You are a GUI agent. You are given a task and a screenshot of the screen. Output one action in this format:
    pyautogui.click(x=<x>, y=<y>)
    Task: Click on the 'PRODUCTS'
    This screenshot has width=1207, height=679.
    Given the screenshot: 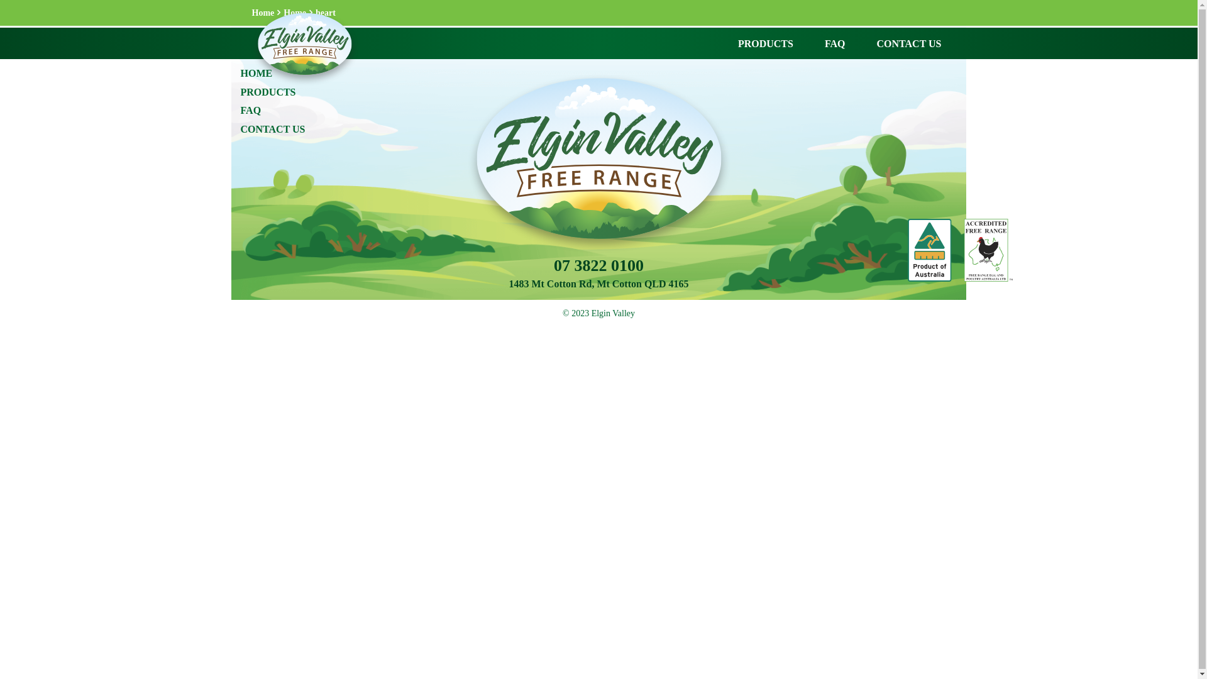 What is the action you would take?
    pyautogui.click(x=240, y=91)
    